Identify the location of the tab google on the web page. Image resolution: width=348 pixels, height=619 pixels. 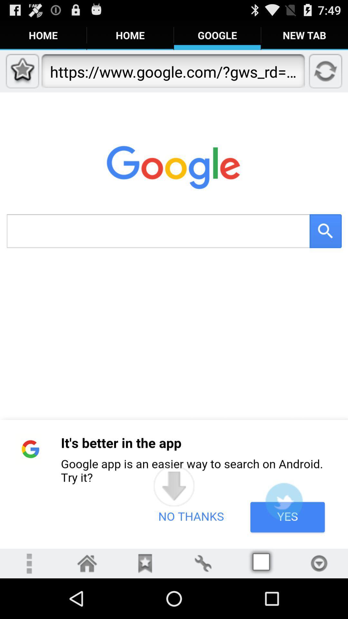
(217, 35).